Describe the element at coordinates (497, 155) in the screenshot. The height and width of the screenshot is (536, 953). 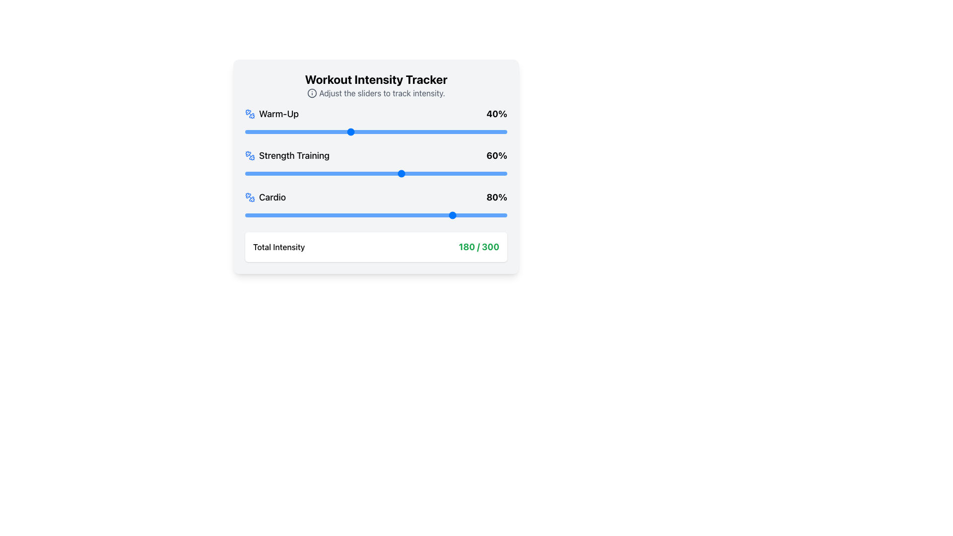
I see `displayed percentage '60%' from the bold text-based label located to the right of the 'Strength Training' slider` at that location.